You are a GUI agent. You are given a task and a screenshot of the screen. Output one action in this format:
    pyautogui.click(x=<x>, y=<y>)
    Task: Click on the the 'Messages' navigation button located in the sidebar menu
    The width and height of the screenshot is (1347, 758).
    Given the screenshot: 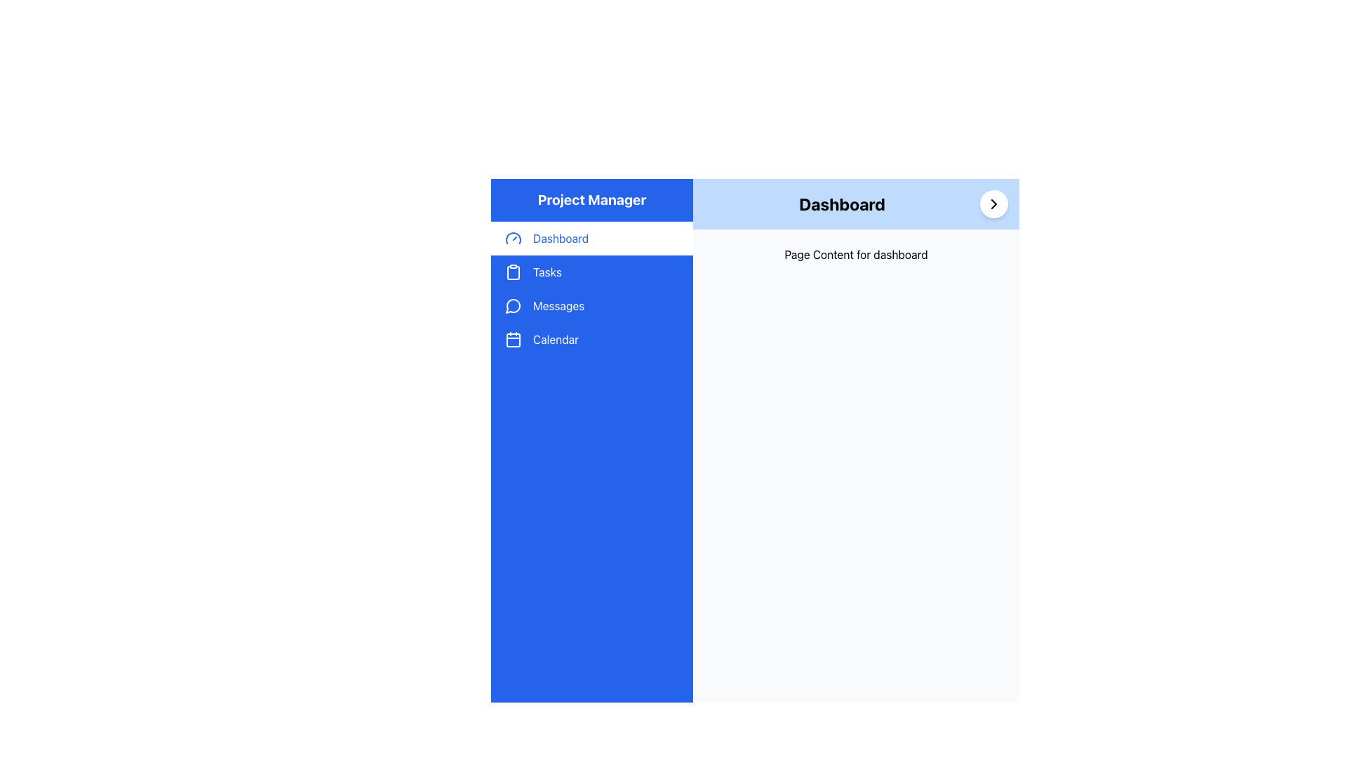 What is the action you would take?
    pyautogui.click(x=592, y=305)
    